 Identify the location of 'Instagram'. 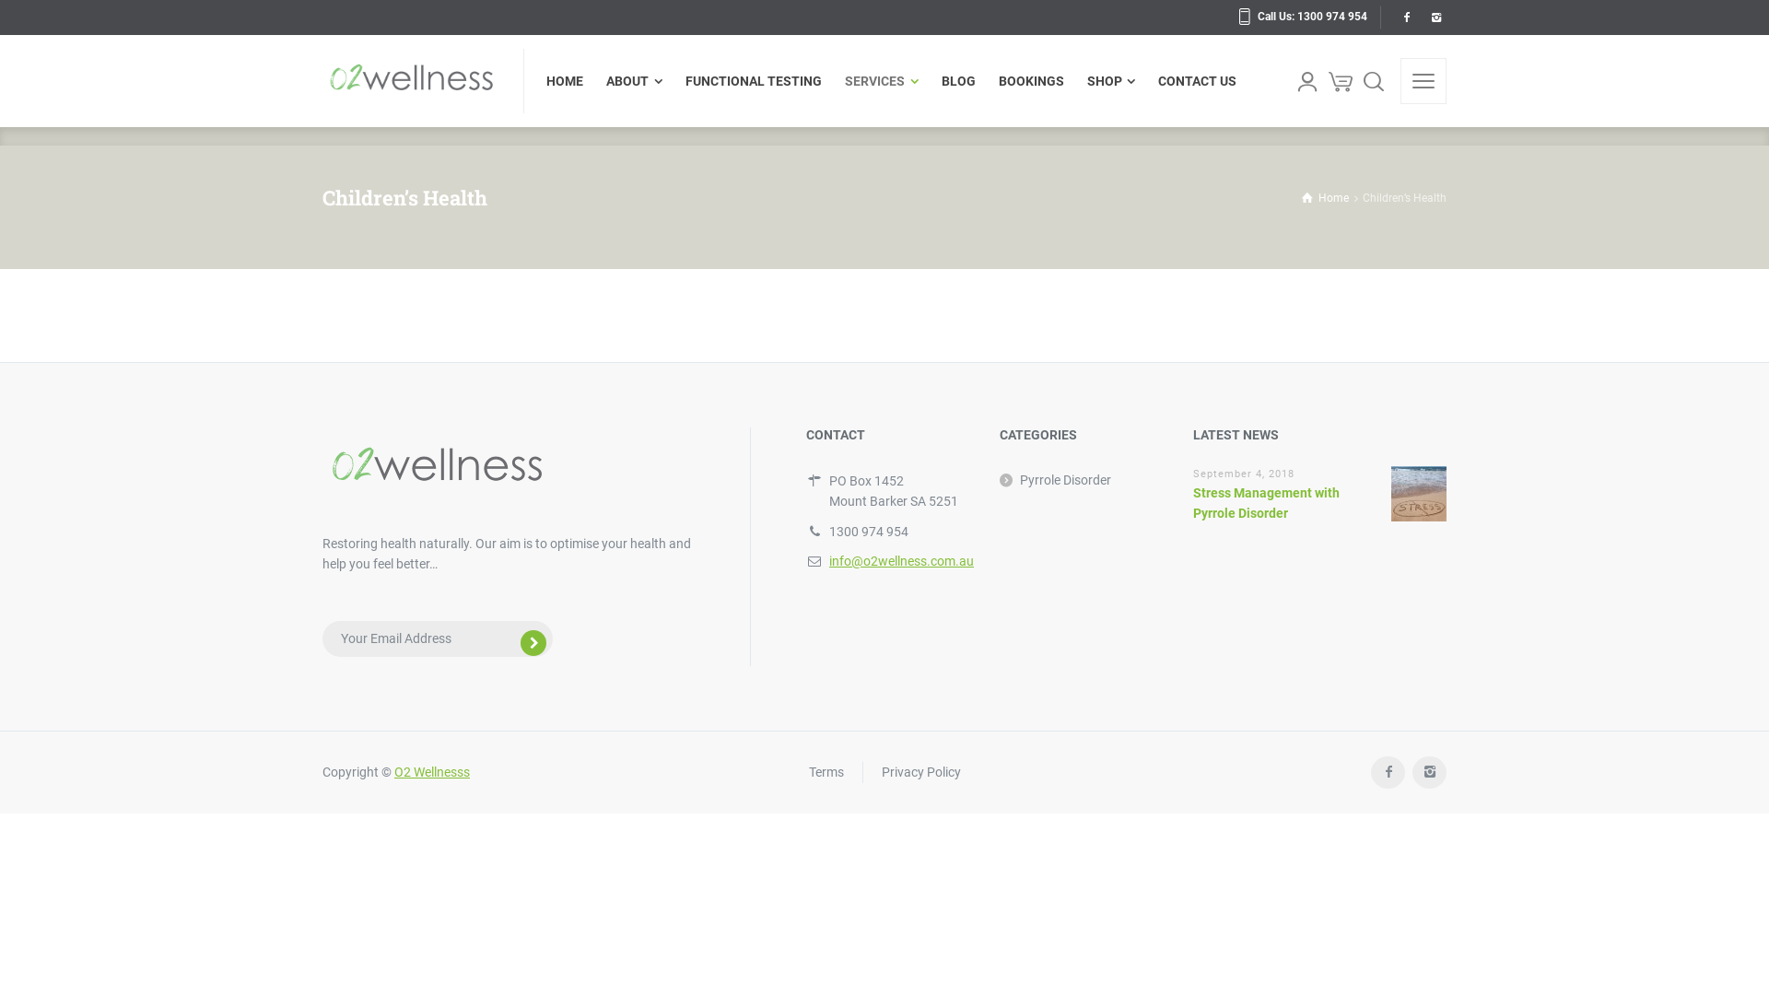
(1428, 772).